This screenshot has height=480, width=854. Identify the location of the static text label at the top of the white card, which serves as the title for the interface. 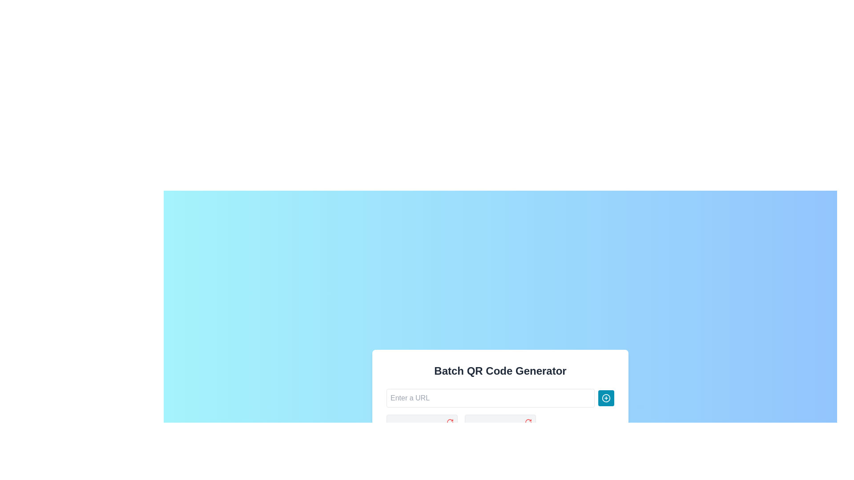
(500, 371).